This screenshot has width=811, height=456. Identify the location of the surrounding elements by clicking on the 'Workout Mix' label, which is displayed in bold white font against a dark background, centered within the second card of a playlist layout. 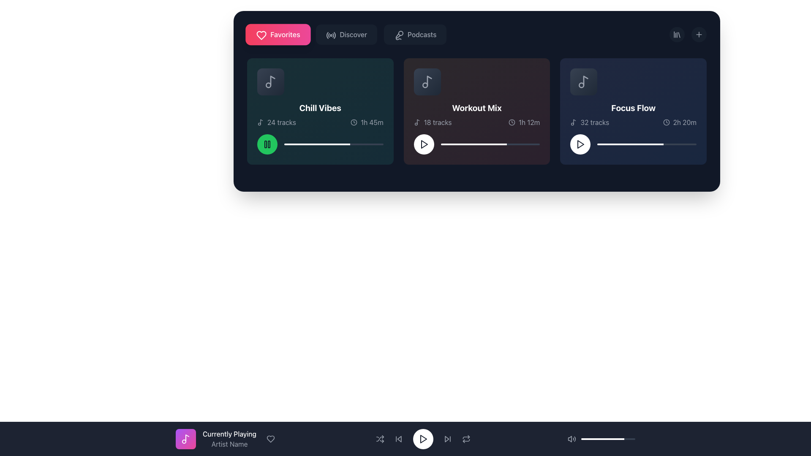
(476, 107).